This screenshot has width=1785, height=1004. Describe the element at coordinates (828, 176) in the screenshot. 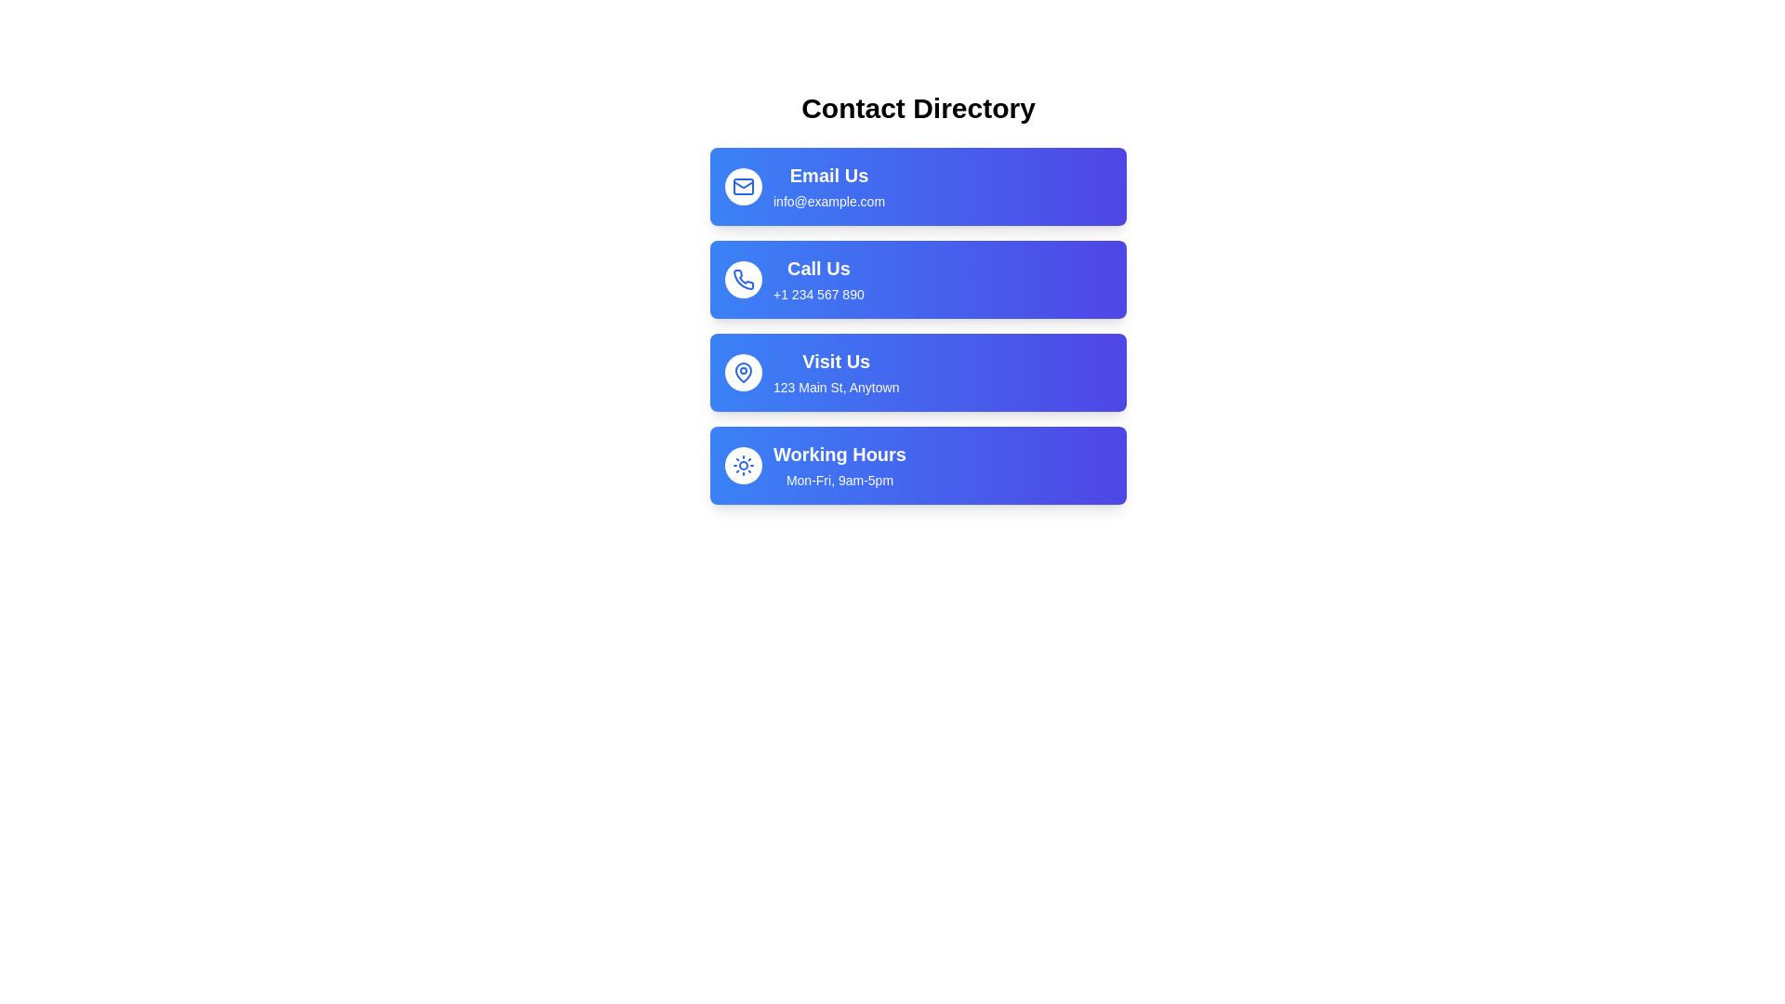

I see `the 'Email Us' text label which is bold and large-sized, placed on a blue rectangular background` at that location.